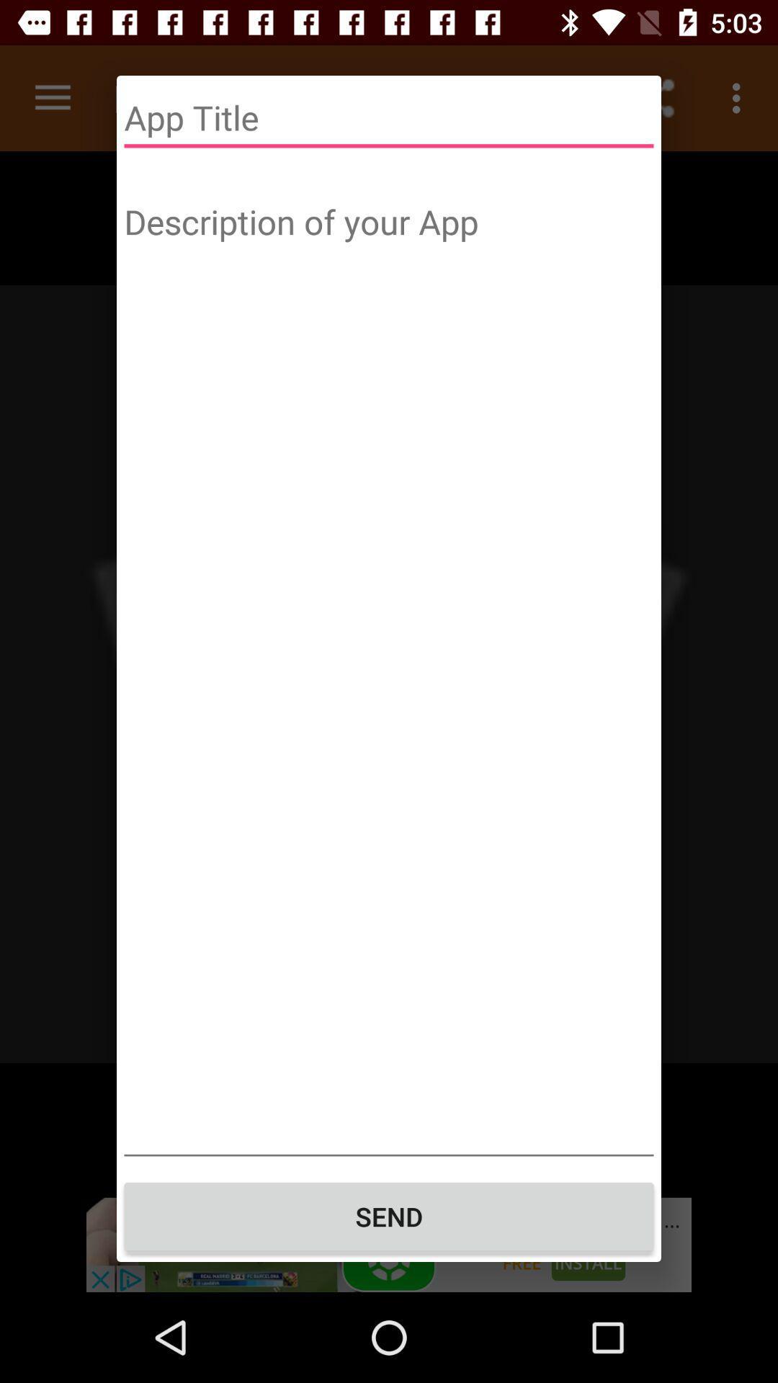  Describe the element at coordinates (389, 674) in the screenshot. I see `description of your app text box` at that location.